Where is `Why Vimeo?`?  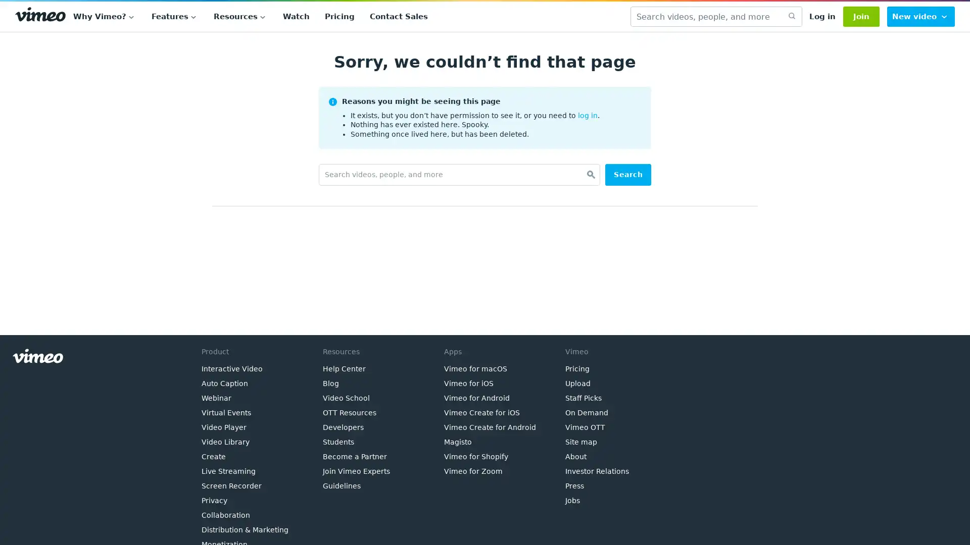
Why Vimeo? is located at coordinates (105, 17).